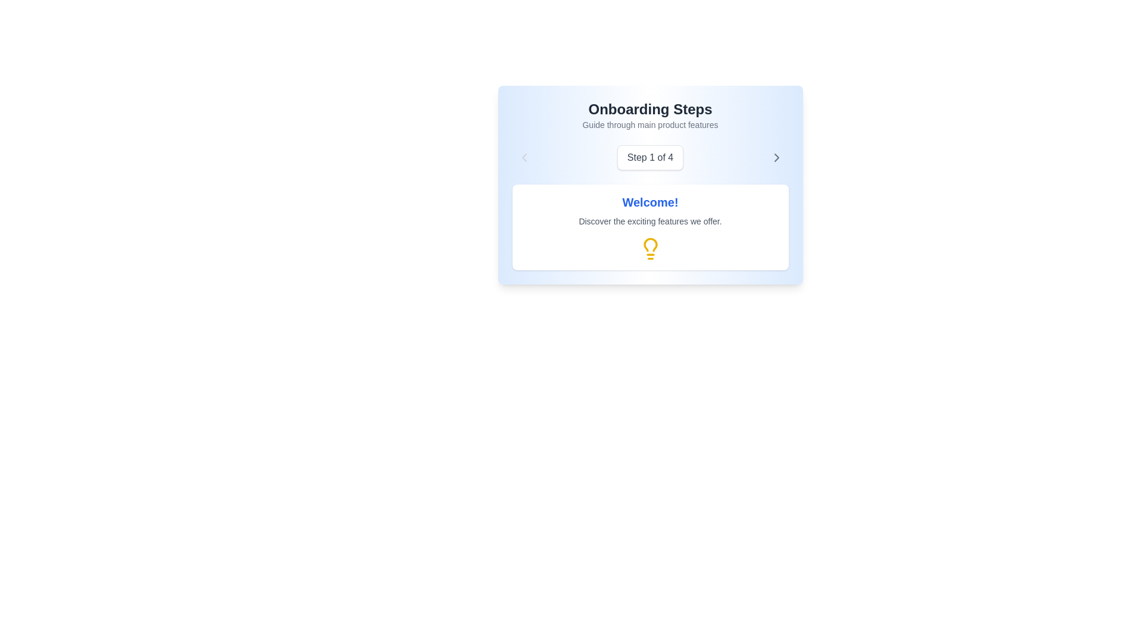 Image resolution: width=1143 pixels, height=643 pixels. What do you see at coordinates (649, 110) in the screenshot?
I see `the 'Onboarding Steps' text element, which is a bold and large title centrally aligned at the top of the content card` at bounding box center [649, 110].